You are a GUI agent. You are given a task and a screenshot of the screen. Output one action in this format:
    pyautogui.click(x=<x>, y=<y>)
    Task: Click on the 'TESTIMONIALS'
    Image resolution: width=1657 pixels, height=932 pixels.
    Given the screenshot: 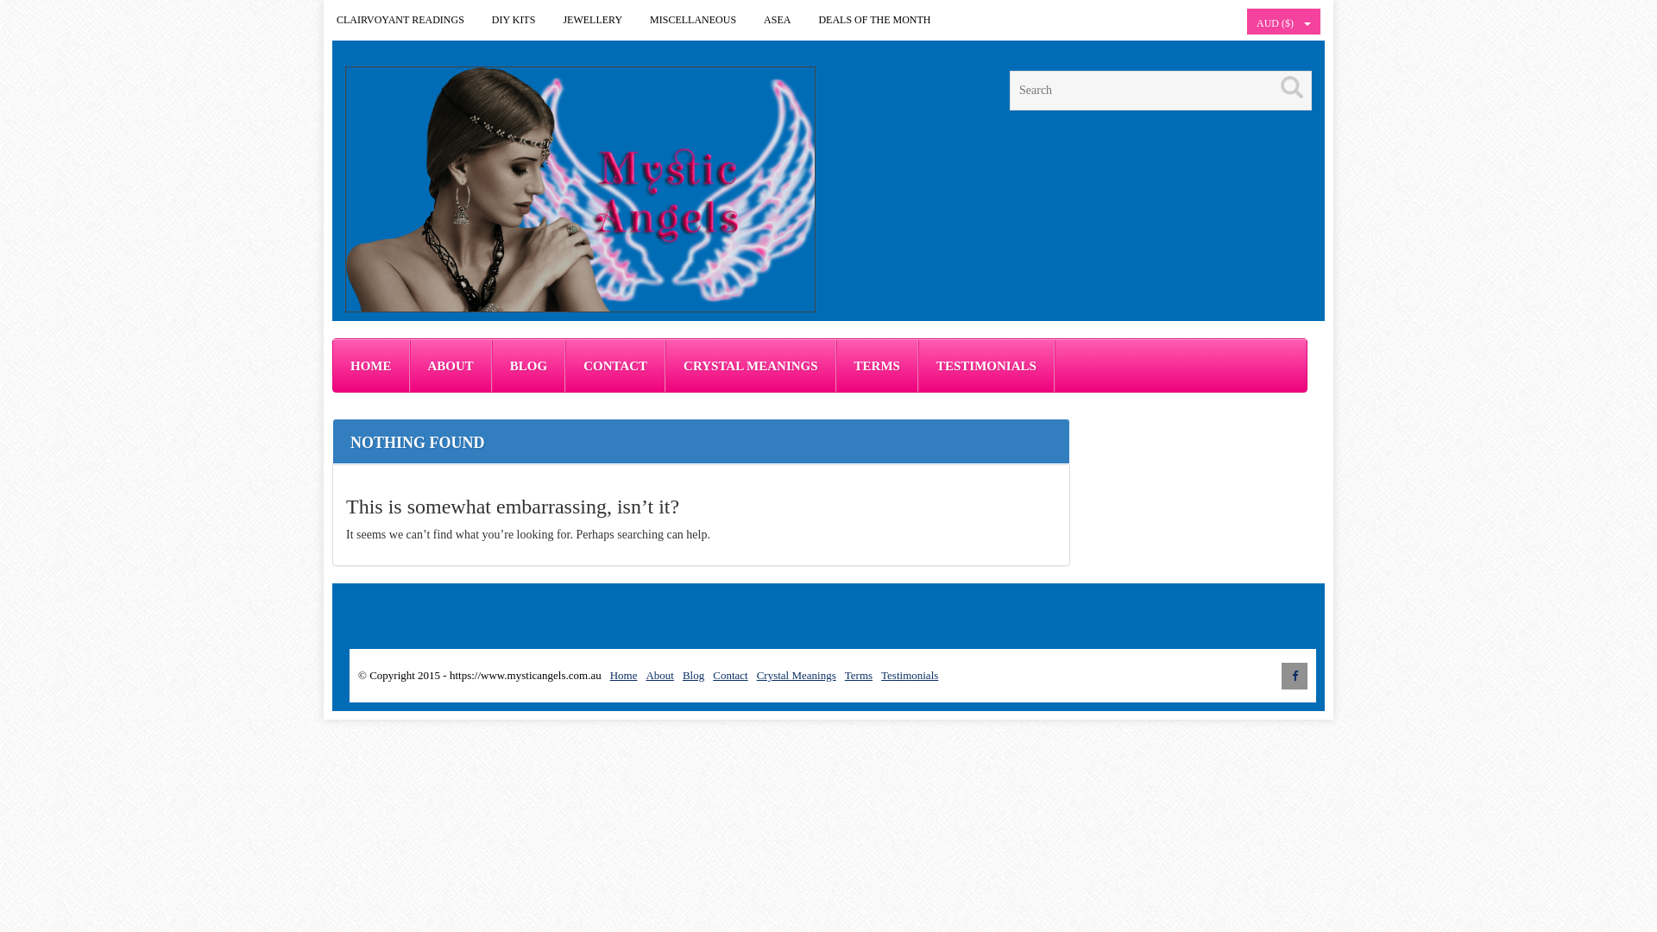 What is the action you would take?
    pyautogui.click(x=986, y=365)
    